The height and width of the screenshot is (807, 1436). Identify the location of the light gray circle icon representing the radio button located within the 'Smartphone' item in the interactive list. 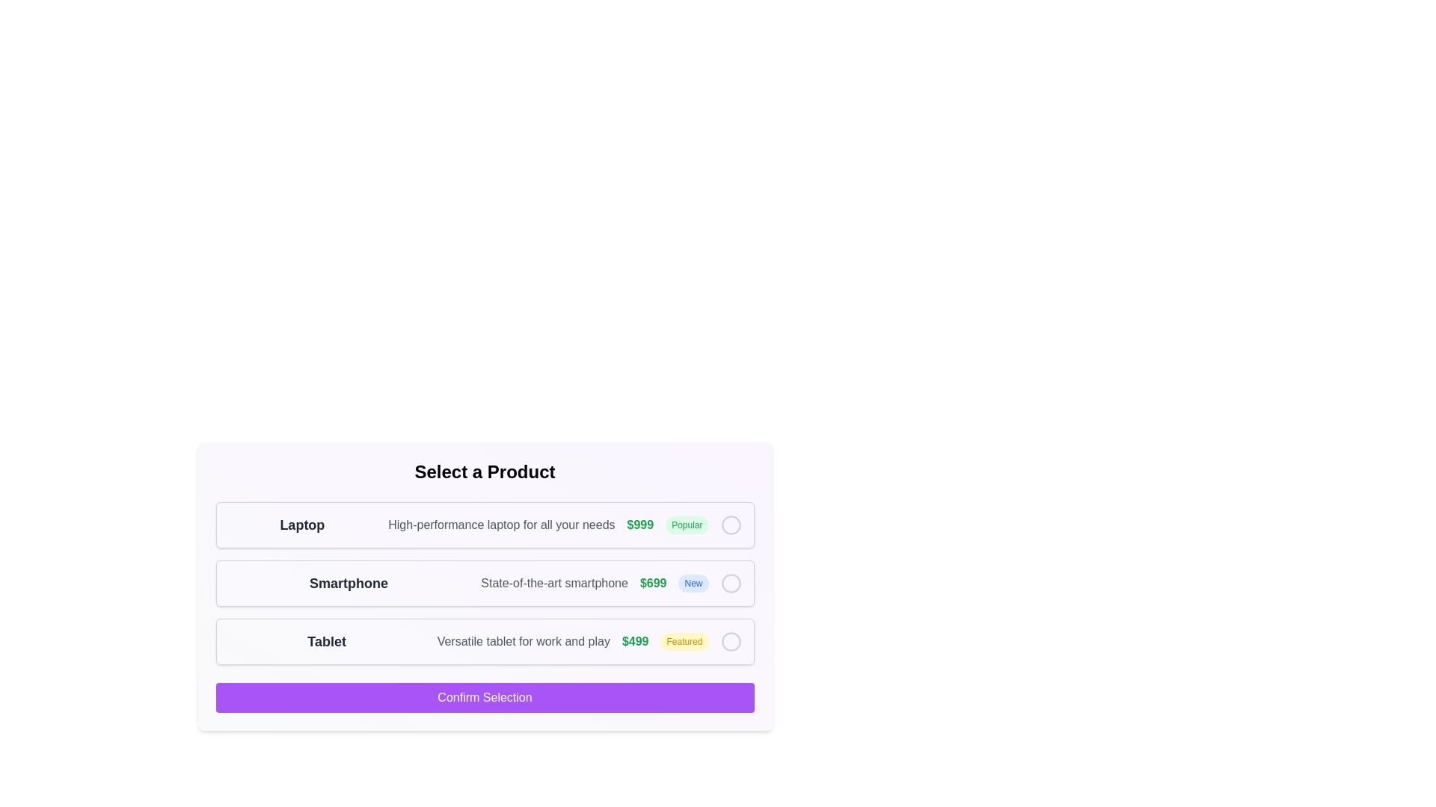
(731, 582).